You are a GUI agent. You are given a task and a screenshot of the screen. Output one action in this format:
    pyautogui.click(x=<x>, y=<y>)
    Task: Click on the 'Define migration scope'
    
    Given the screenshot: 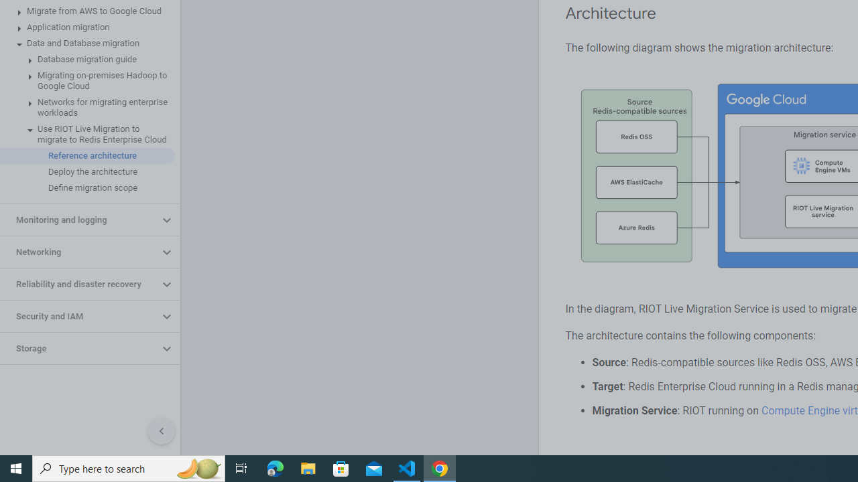 What is the action you would take?
    pyautogui.click(x=86, y=188)
    